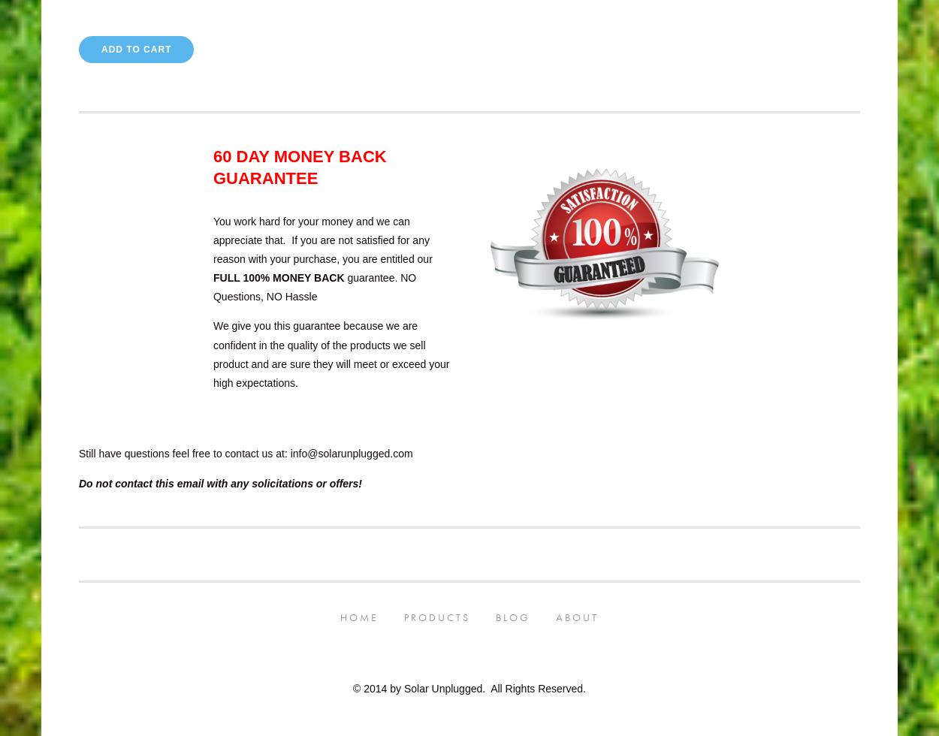 This screenshot has height=736, width=939. I want to click on 'FULL 100% MONEY BACK', so click(277, 278).